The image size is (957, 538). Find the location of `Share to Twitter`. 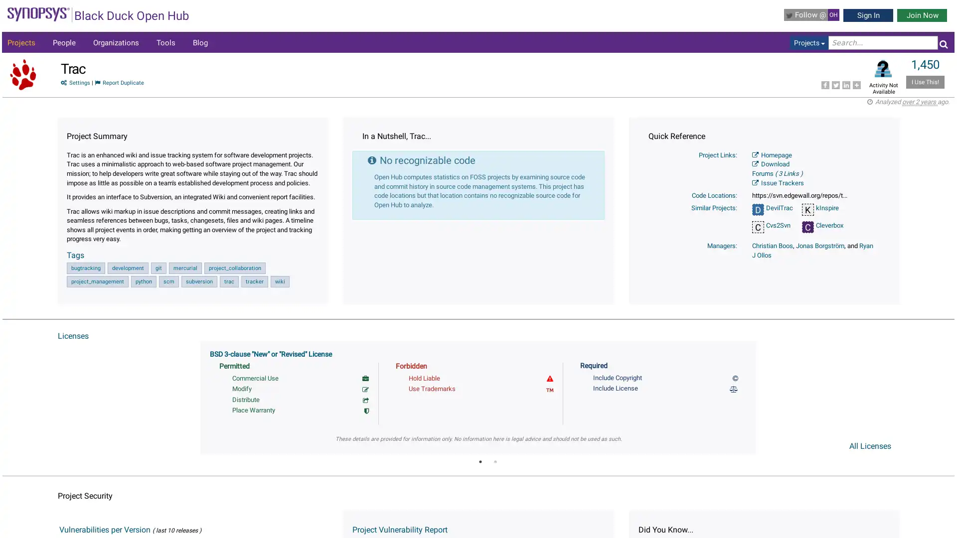

Share to Twitter is located at coordinates (835, 84).